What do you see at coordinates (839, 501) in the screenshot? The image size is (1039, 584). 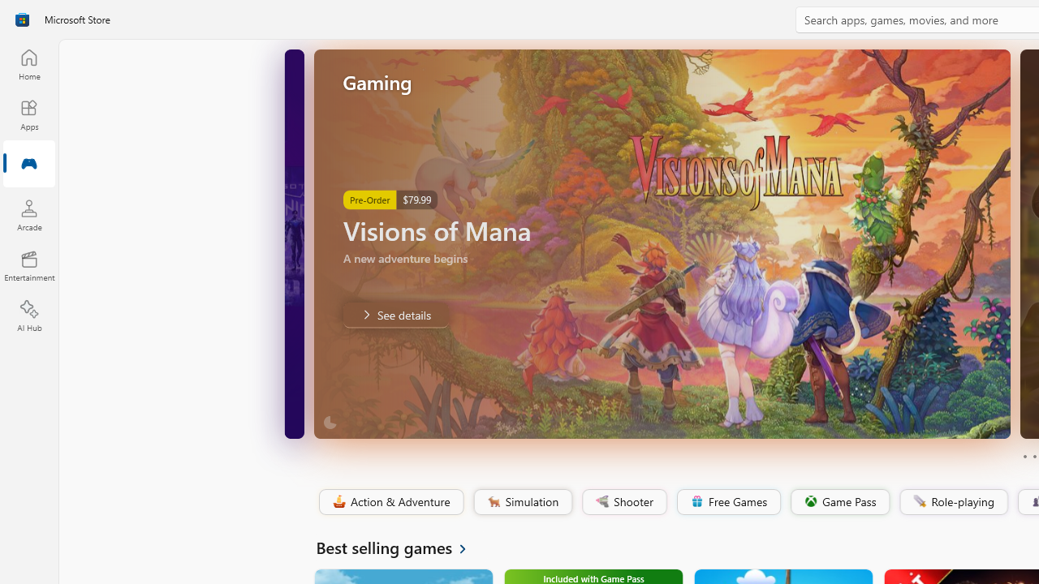 I see `'Game Pass'` at bounding box center [839, 501].